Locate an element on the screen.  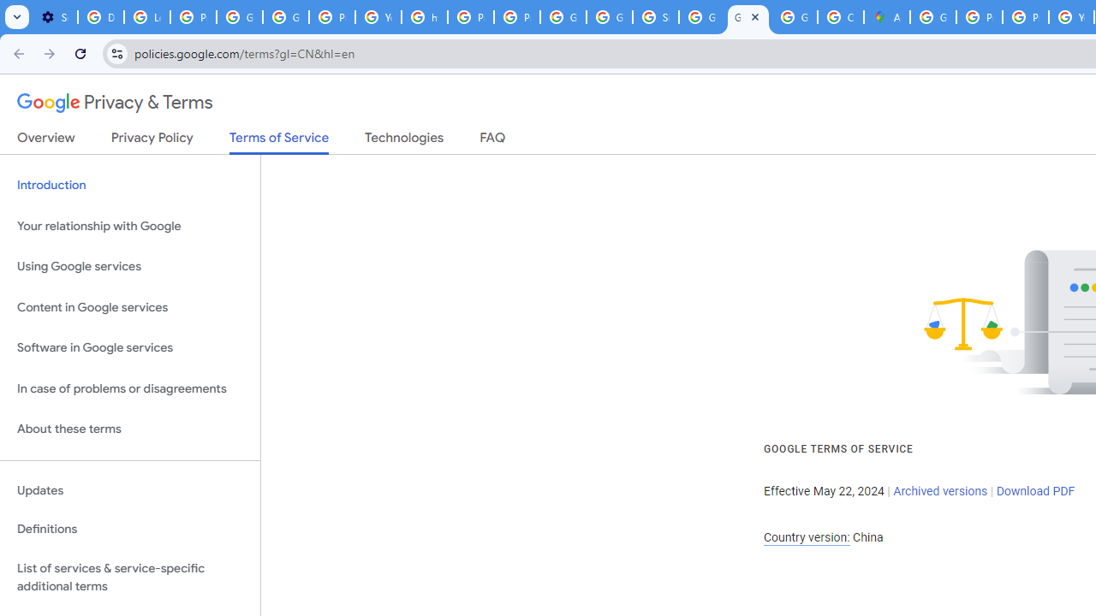
'Create your Google Account' is located at coordinates (840, 17).